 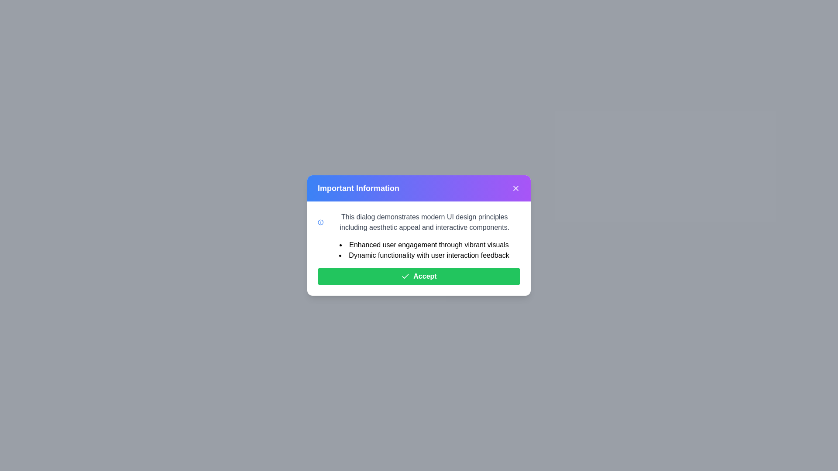 I want to click on the close button (X icon) to close the dialog, so click(x=515, y=188).